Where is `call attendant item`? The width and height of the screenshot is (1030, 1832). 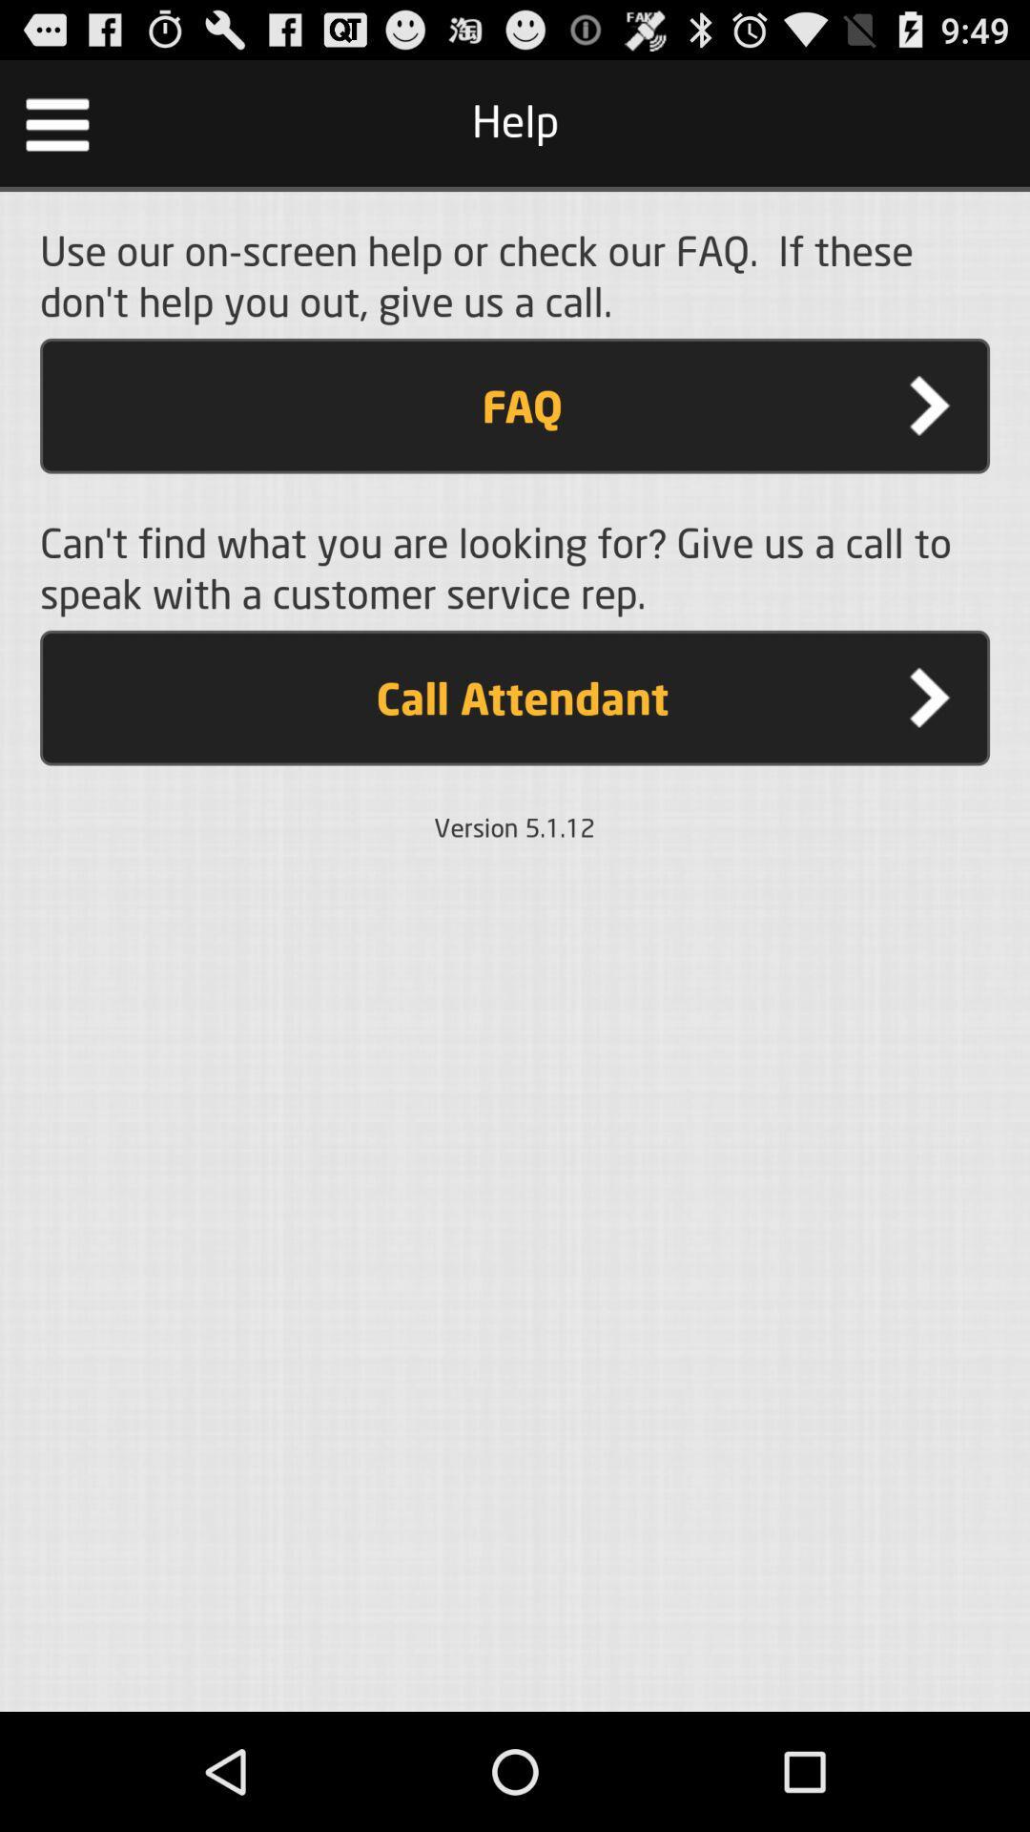 call attendant item is located at coordinates (515, 697).